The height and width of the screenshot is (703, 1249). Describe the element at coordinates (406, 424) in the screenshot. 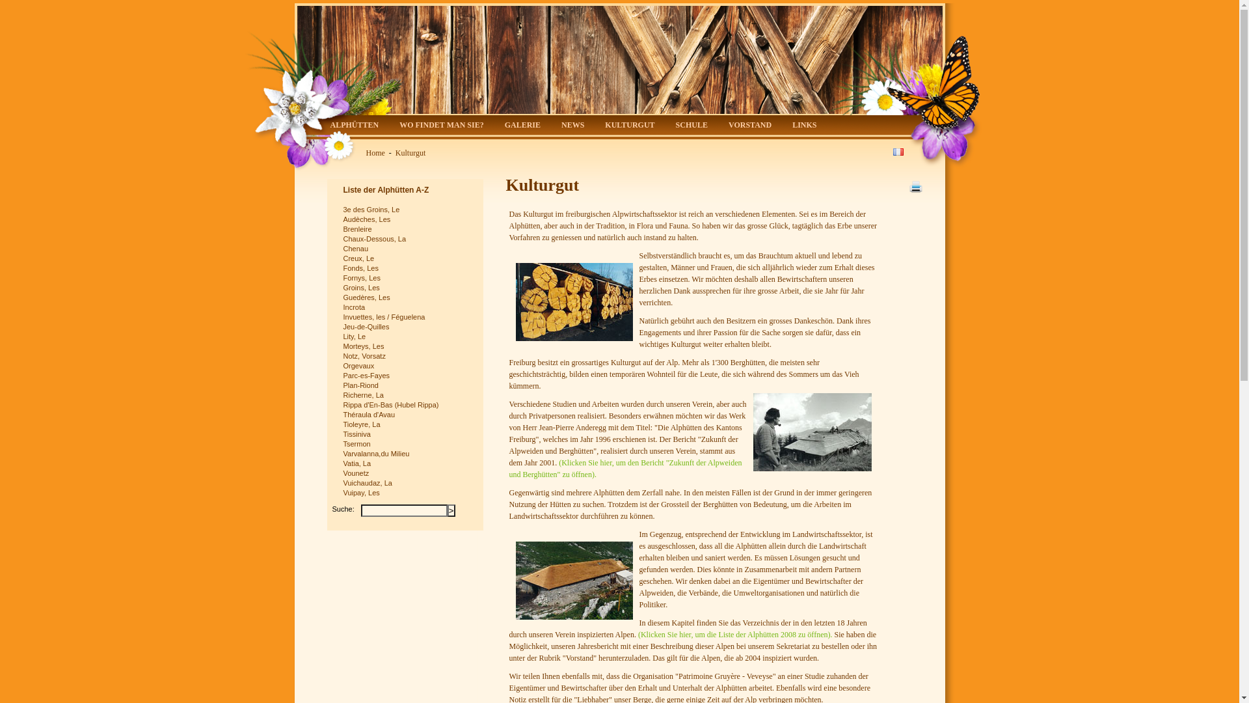

I see `'Tioleyre, La'` at that location.